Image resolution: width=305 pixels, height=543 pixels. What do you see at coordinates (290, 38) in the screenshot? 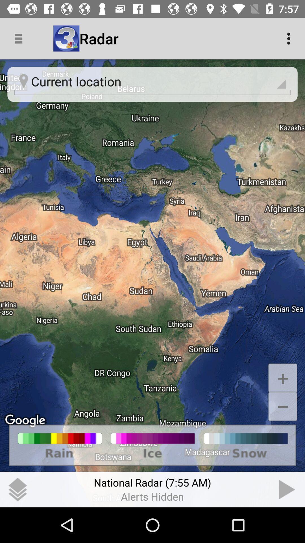
I see `the icon at the top right corner` at bounding box center [290, 38].